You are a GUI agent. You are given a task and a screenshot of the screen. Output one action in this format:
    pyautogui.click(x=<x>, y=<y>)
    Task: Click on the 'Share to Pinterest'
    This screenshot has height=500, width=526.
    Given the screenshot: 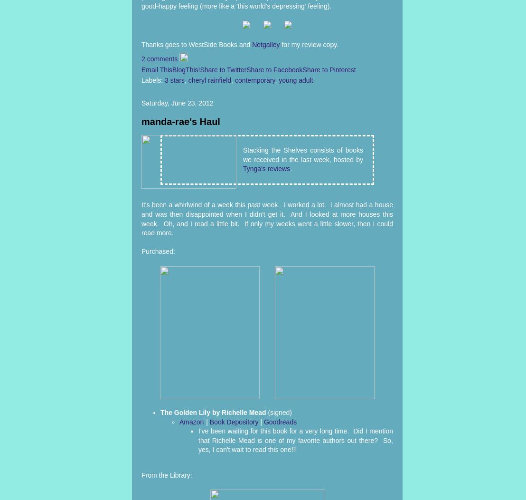 What is the action you would take?
    pyautogui.click(x=329, y=69)
    